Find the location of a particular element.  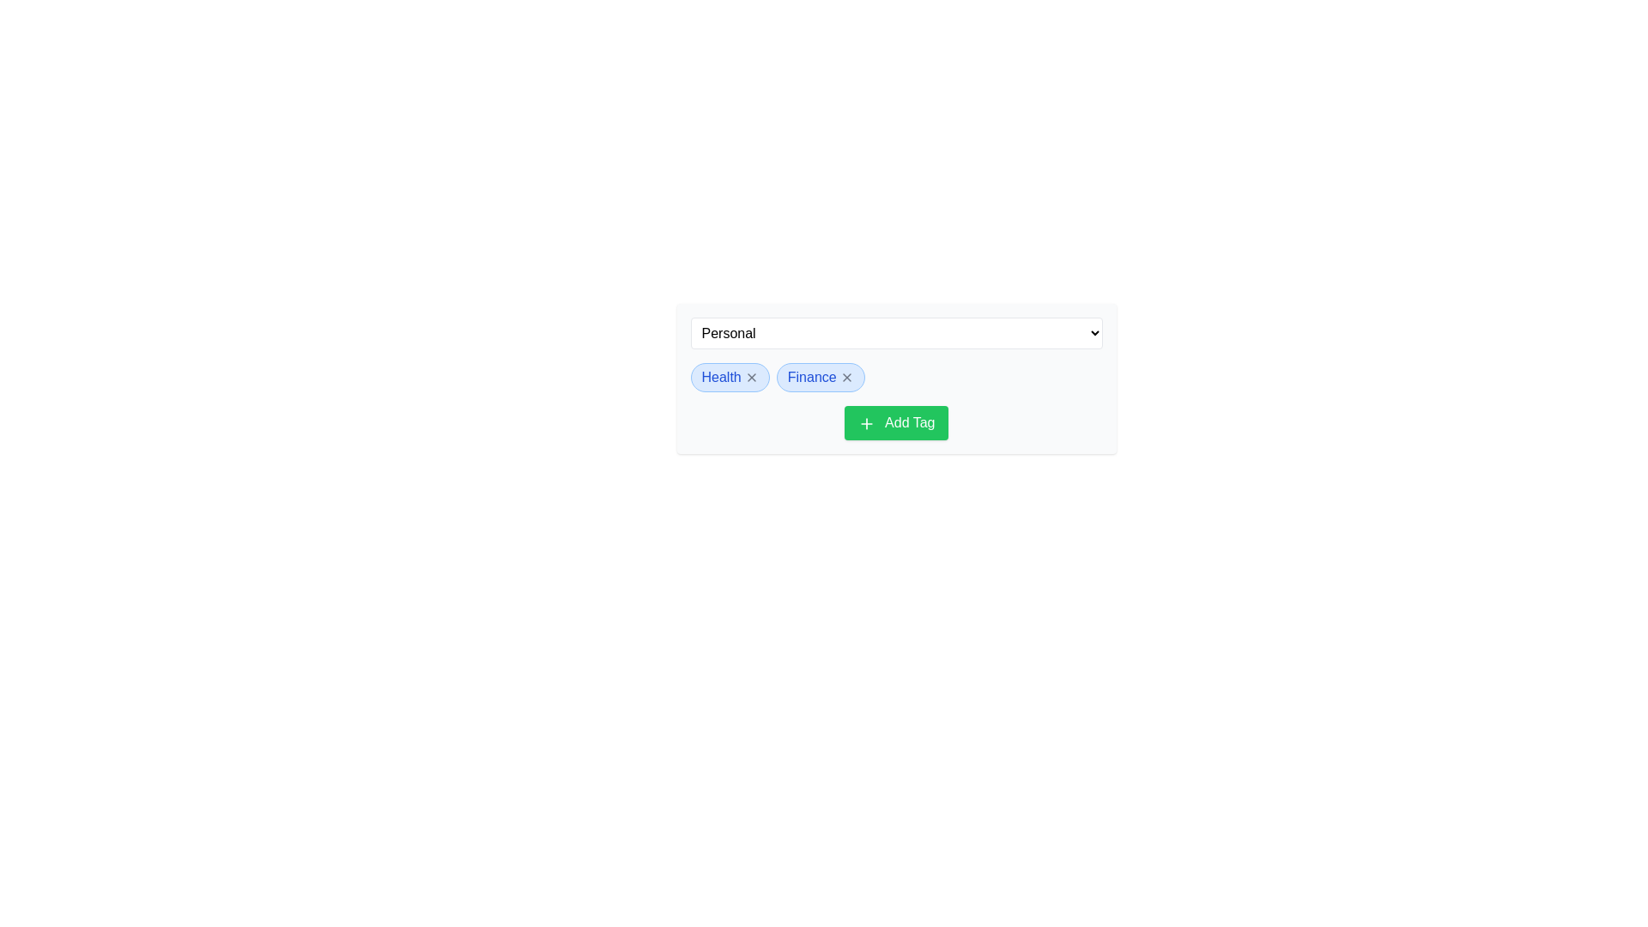

the small gray 'X' icon within the blue 'Health' tag to change its color to red is located at coordinates (751, 376).